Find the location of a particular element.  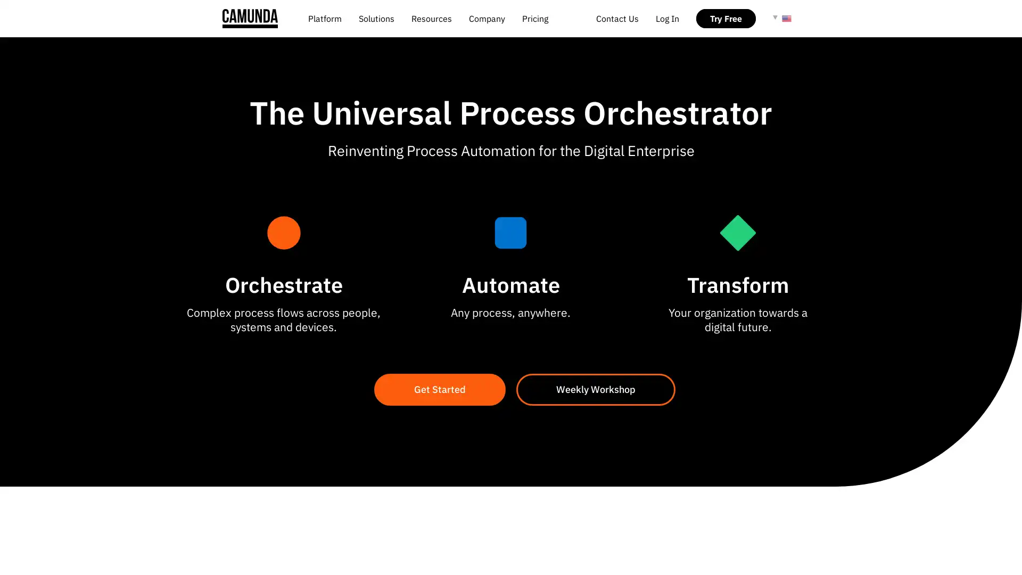

Weekly Workshop is located at coordinates (595, 390).